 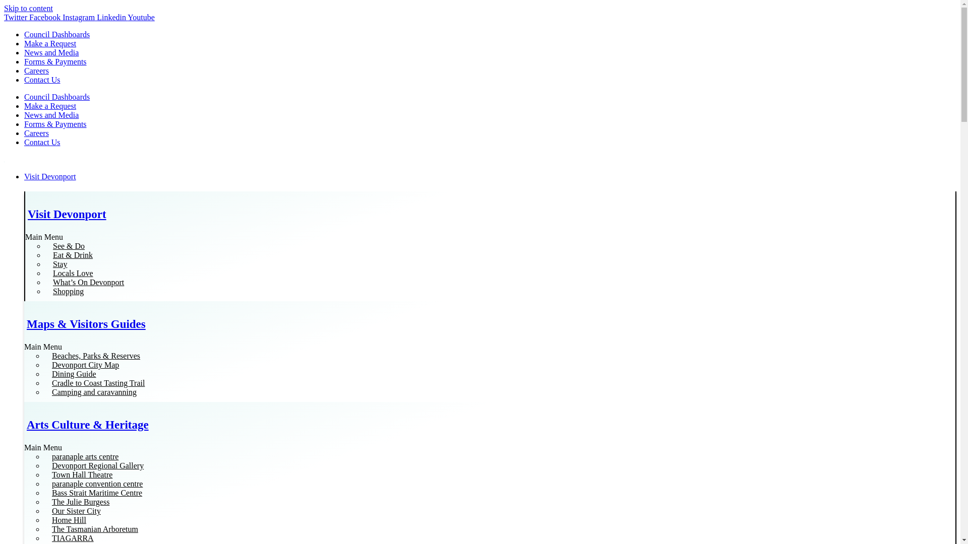 I want to click on 'Council Dashboards', so click(x=56, y=97).